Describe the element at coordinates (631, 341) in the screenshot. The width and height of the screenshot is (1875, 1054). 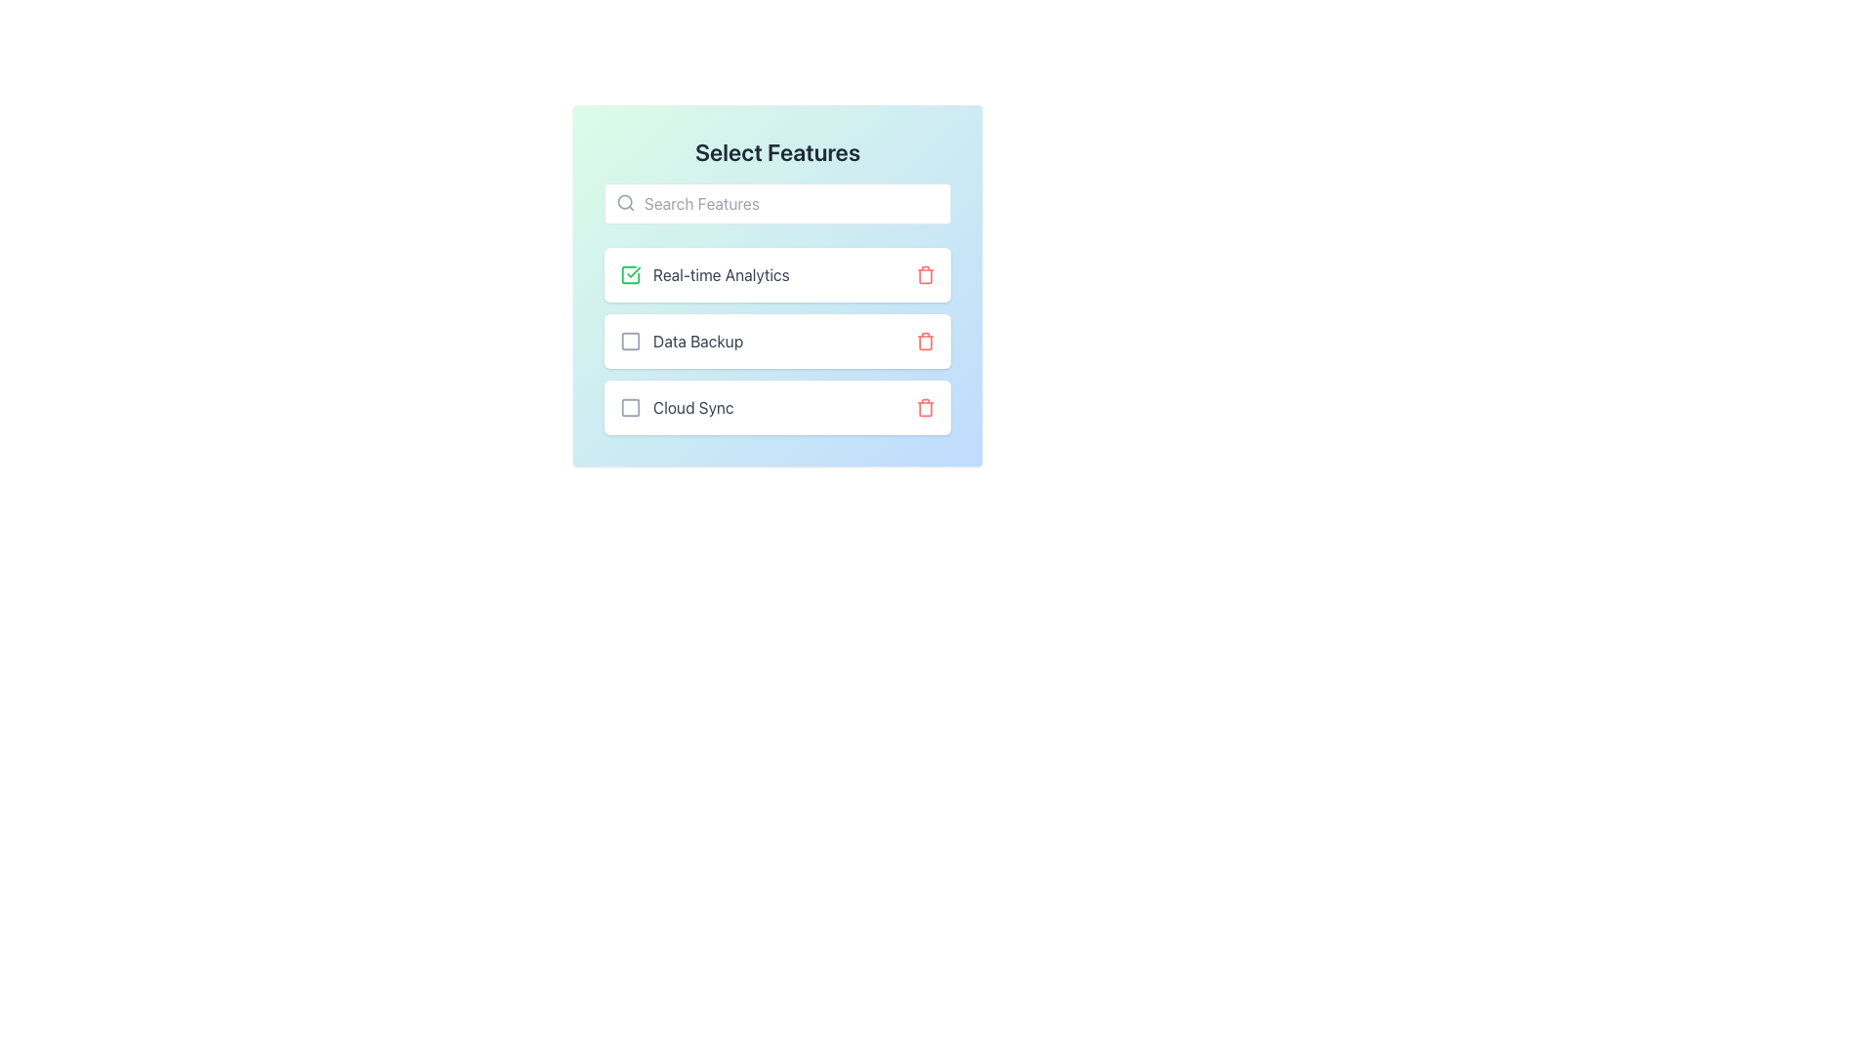
I see `the icon or status indicator located to the left of the 'Data Backup' label` at that location.